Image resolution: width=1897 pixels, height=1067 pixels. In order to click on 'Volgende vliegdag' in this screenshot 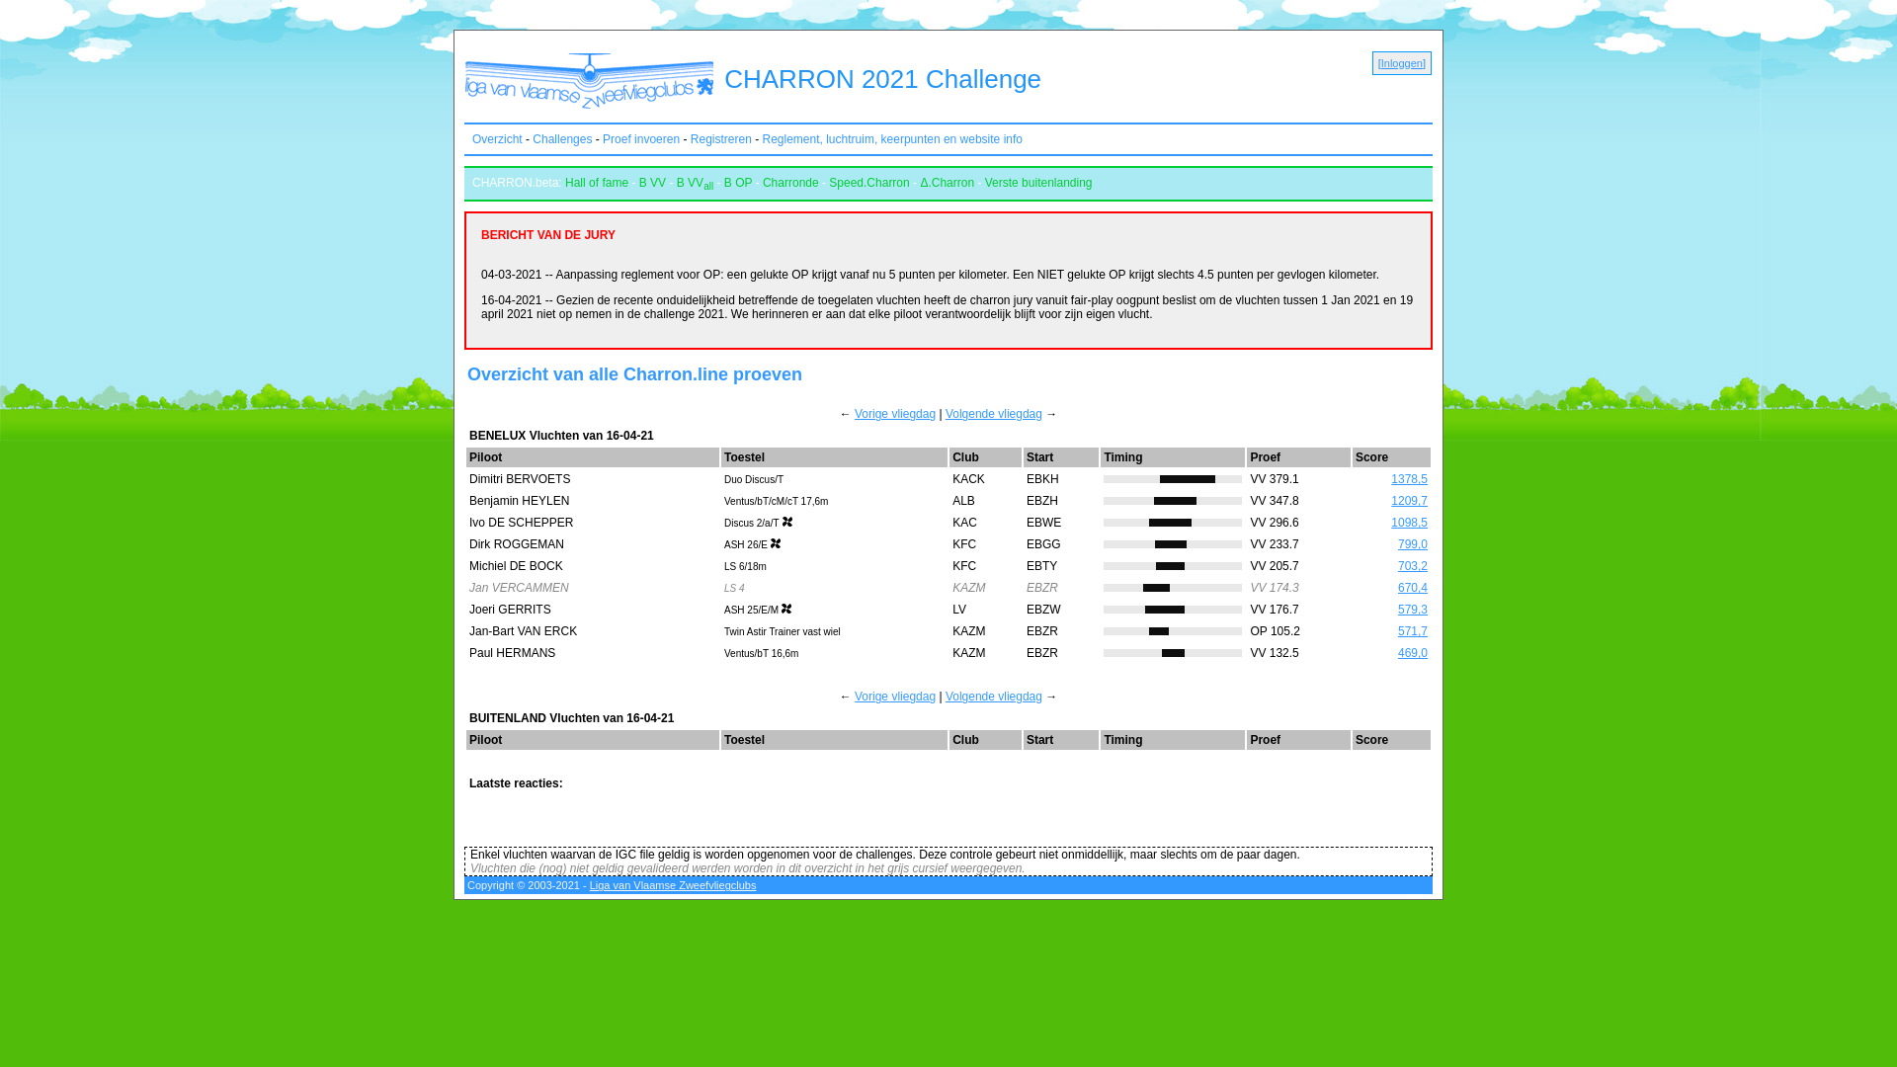, I will do `click(994, 413)`.